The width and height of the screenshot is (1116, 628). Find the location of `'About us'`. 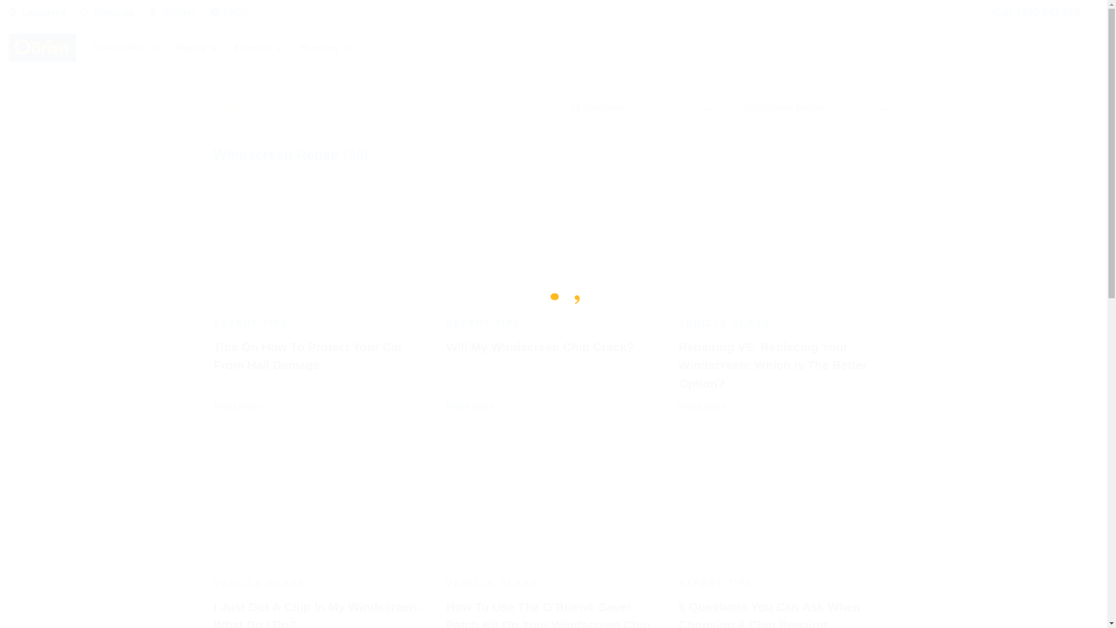

'About us' is located at coordinates (114, 12).